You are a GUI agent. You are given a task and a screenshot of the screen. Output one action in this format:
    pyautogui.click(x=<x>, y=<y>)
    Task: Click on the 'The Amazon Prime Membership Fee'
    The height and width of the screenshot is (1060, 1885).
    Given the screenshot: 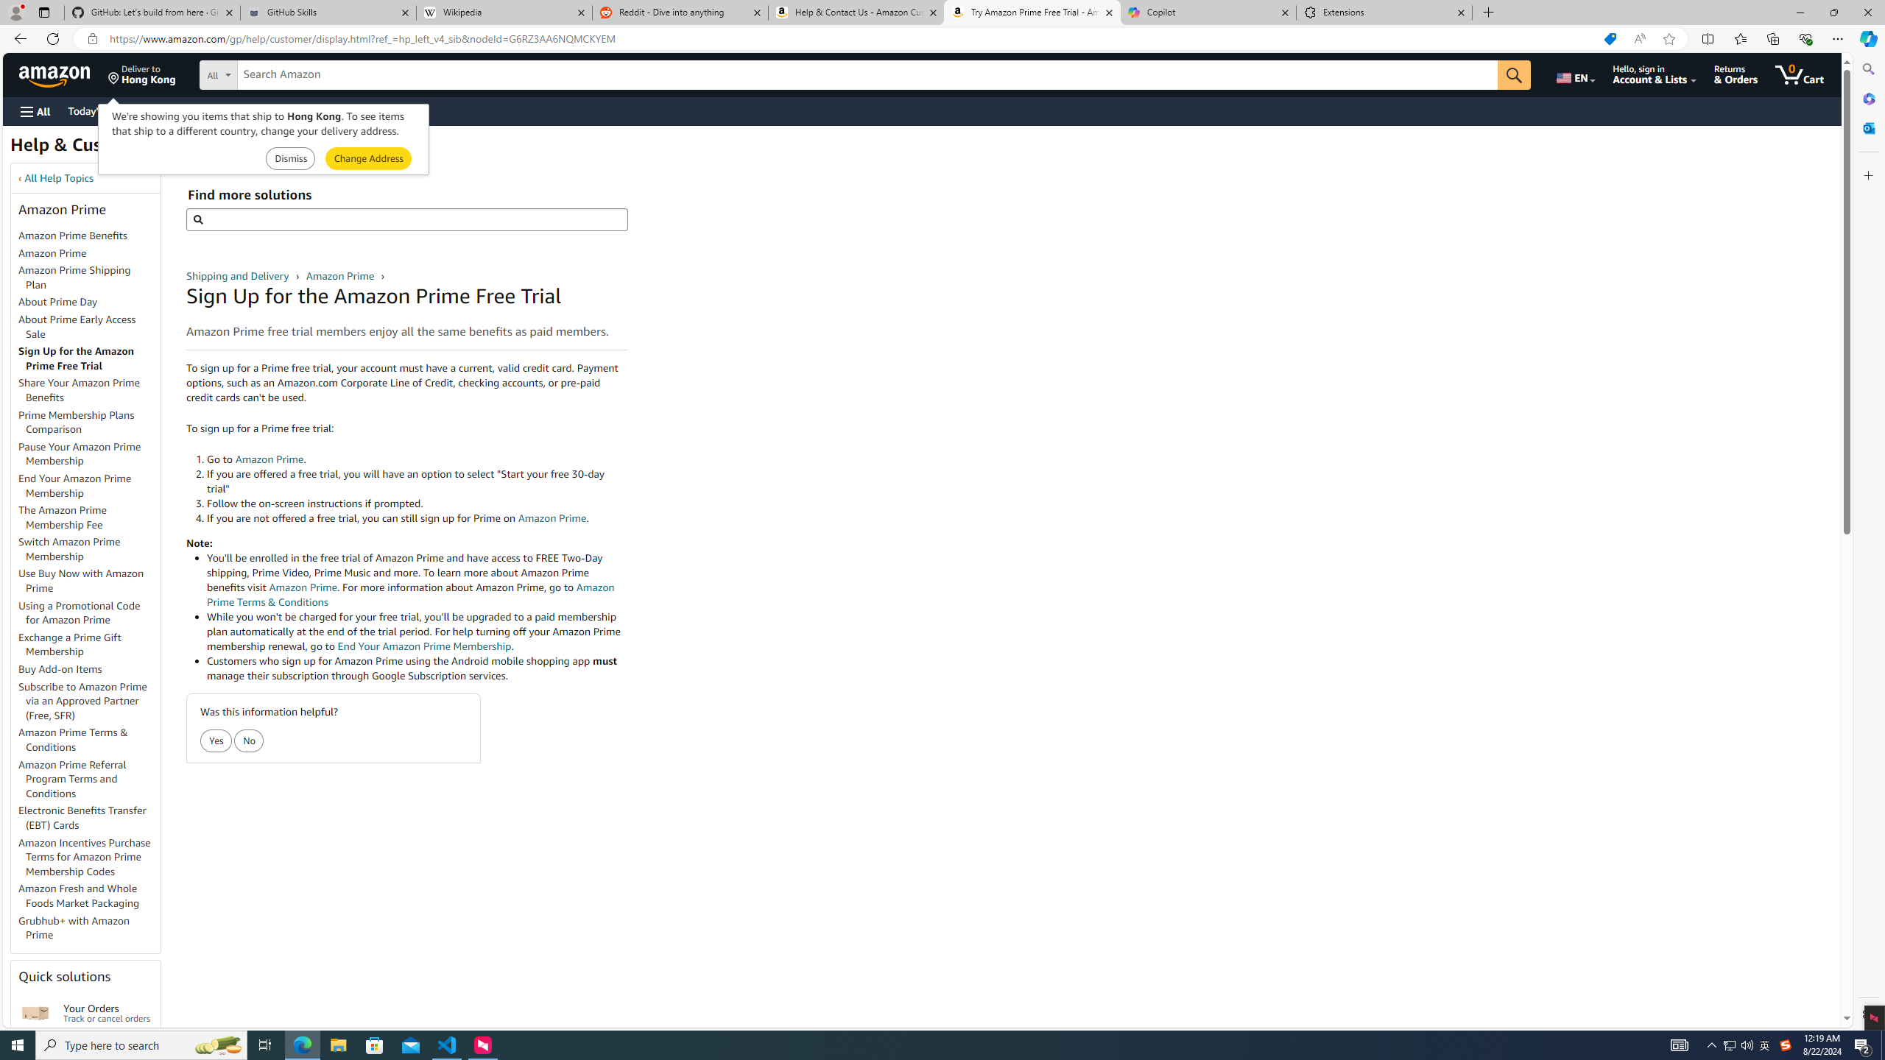 What is the action you would take?
    pyautogui.click(x=89, y=518)
    